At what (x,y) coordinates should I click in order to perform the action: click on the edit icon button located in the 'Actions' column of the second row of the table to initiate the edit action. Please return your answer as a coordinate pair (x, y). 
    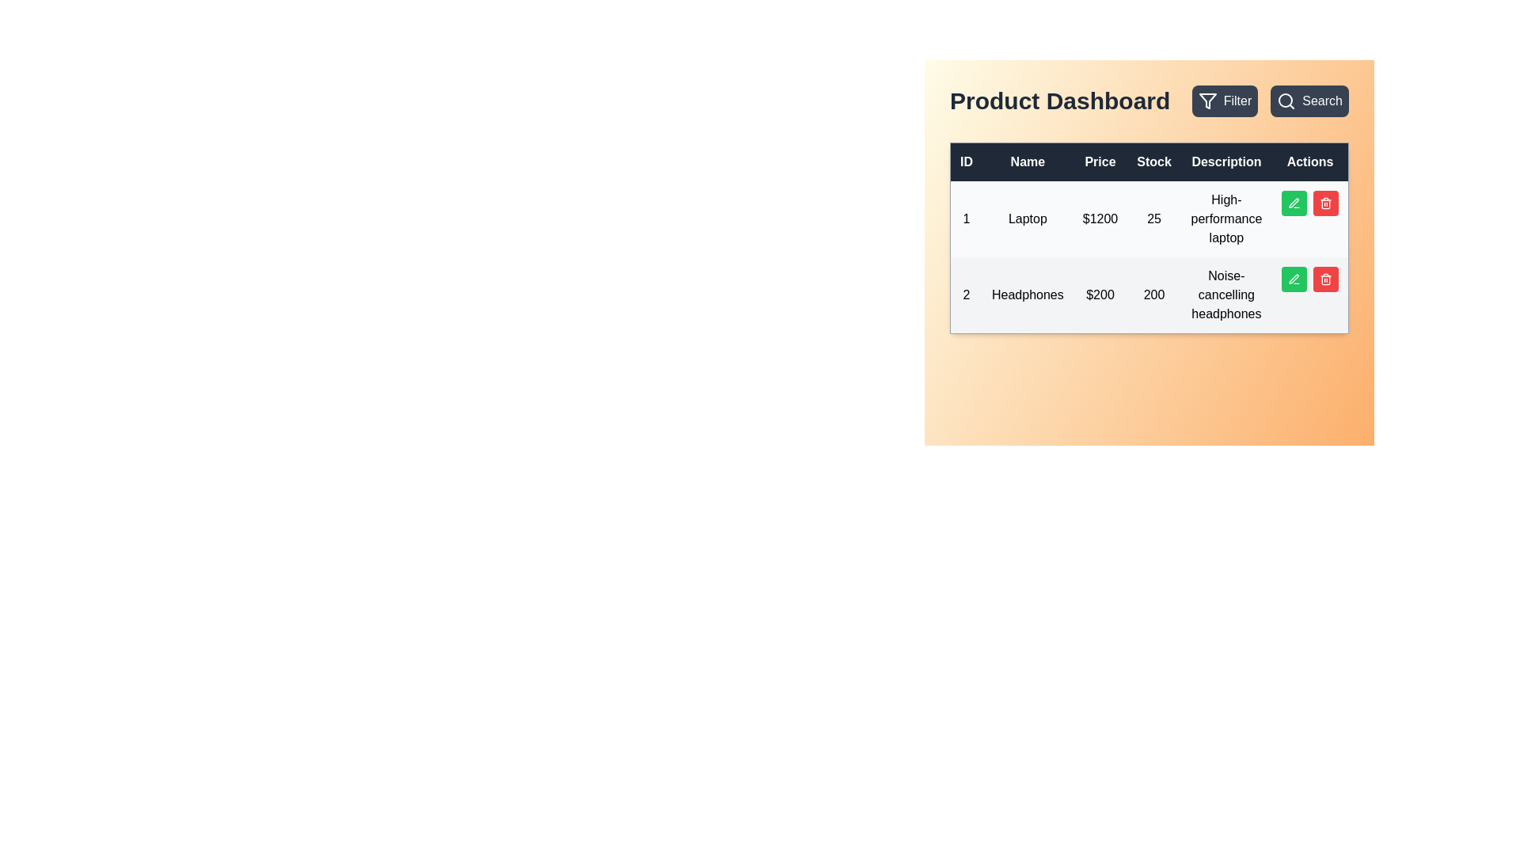
    Looking at the image, I should click on (1294, 279).